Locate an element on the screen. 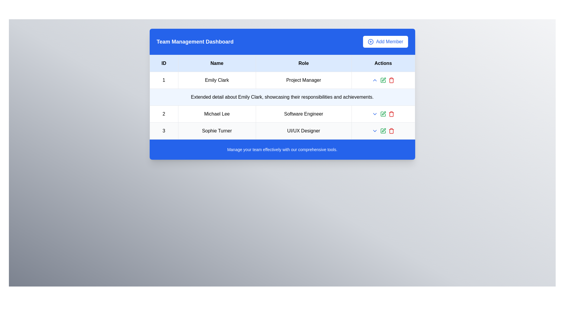 The image size is (569, 320). the button located on the top-right corner of the blue header bar next to the 'Team Management Dashboard' text is located at coordinates (385, 41).